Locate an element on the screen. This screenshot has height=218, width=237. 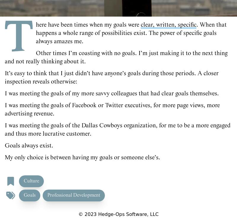
'2023' is located at coordinates (90, 214).